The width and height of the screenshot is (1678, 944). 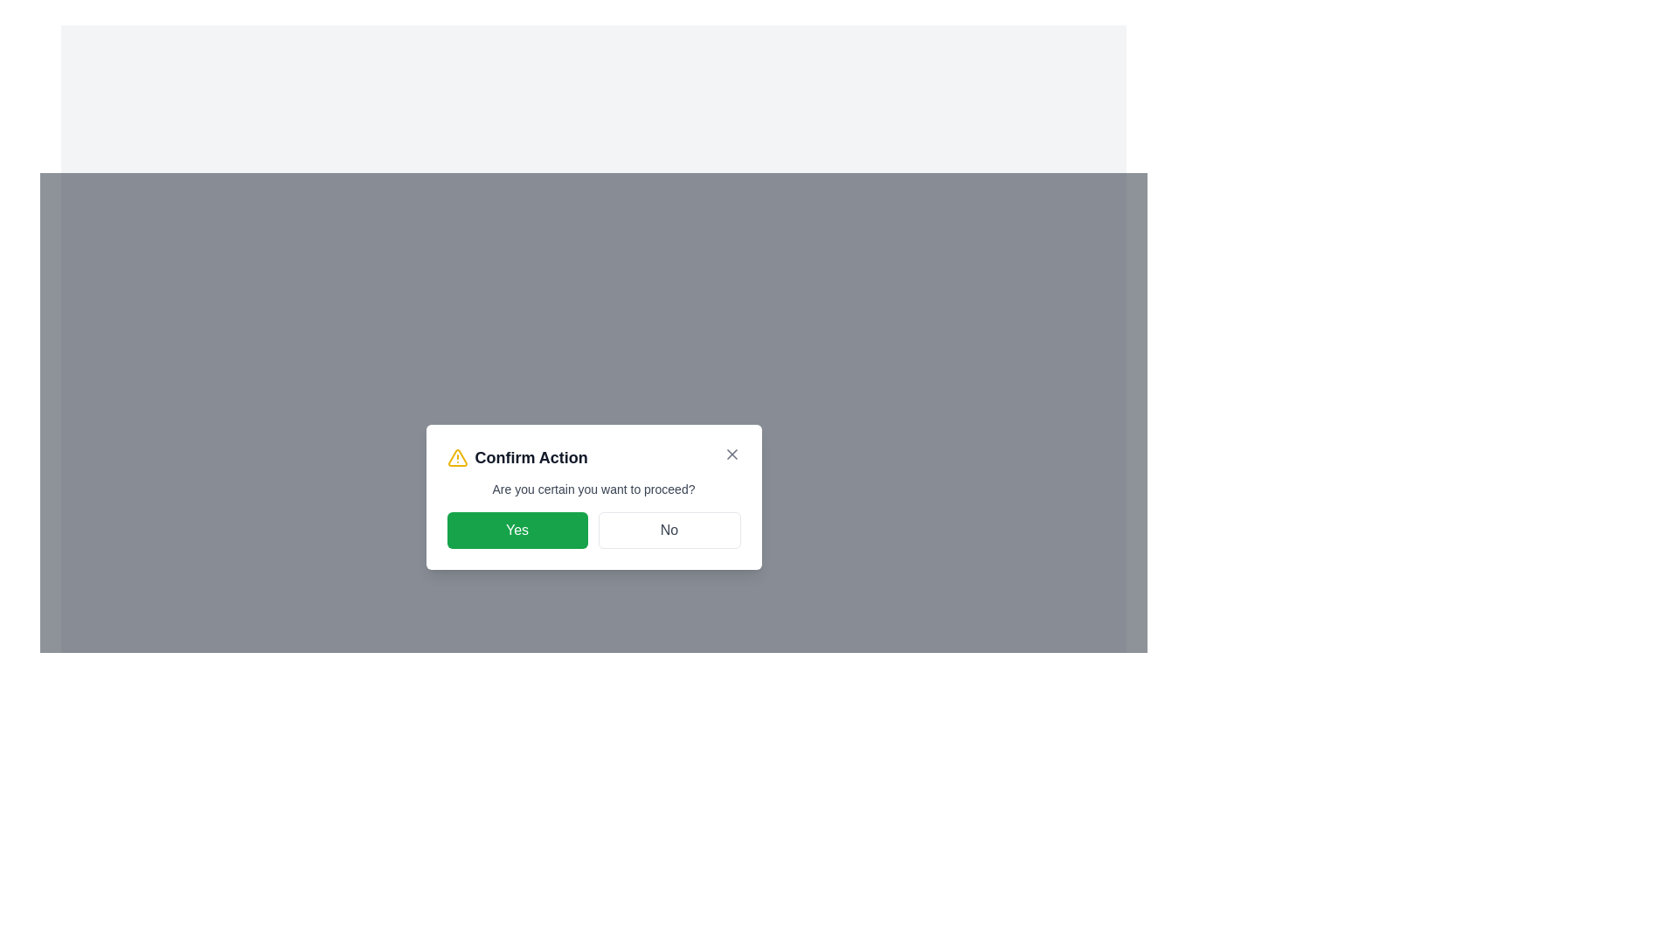 I want to click on the 'Decline' button located at the lower right corner of the dialog box, so click(x=669, y=529).